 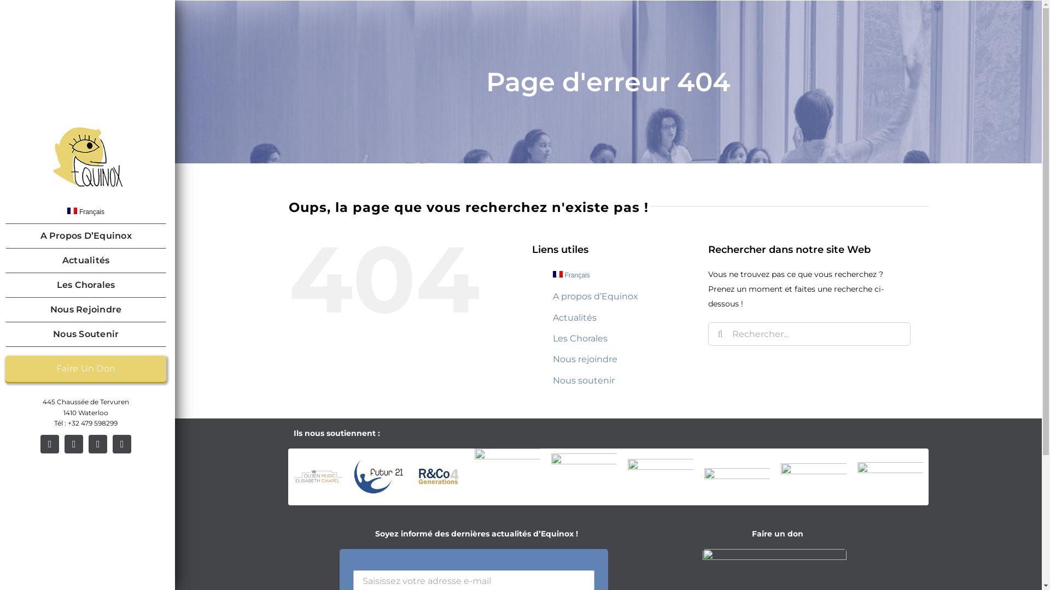 I want to click on 'Les Chorales', so click(x=579, y=338).